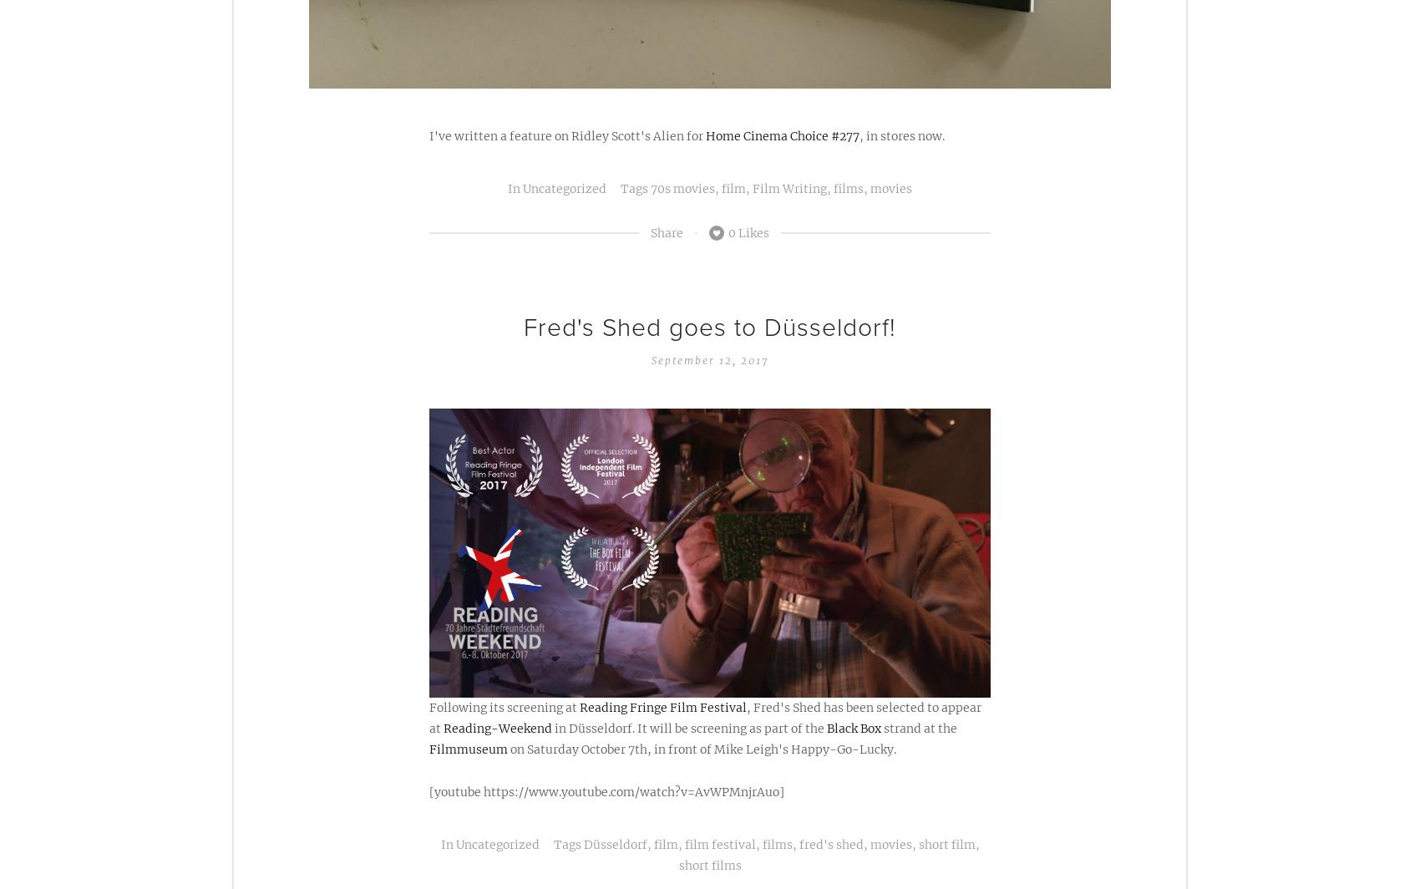 The height and width of the screenshot is (889, 1420). What do you see at coordinates (688, 727) in the screenshot?
I see `'in Düsseldorf. It will be screening as part of the'` at bounding box center [688, 727].